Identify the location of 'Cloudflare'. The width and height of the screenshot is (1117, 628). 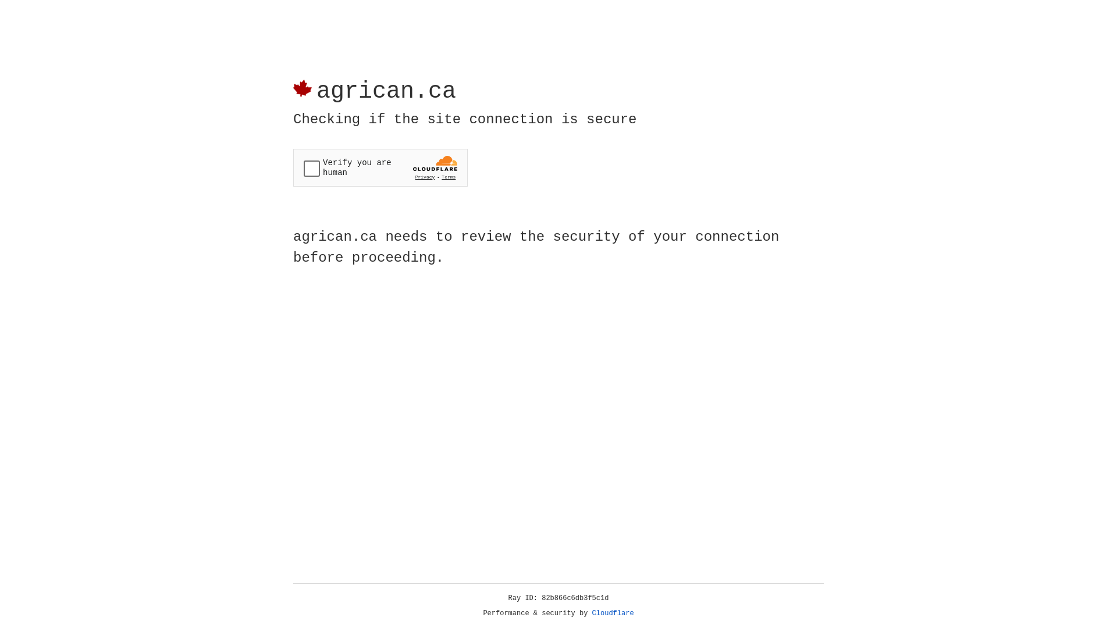
(613, 613).